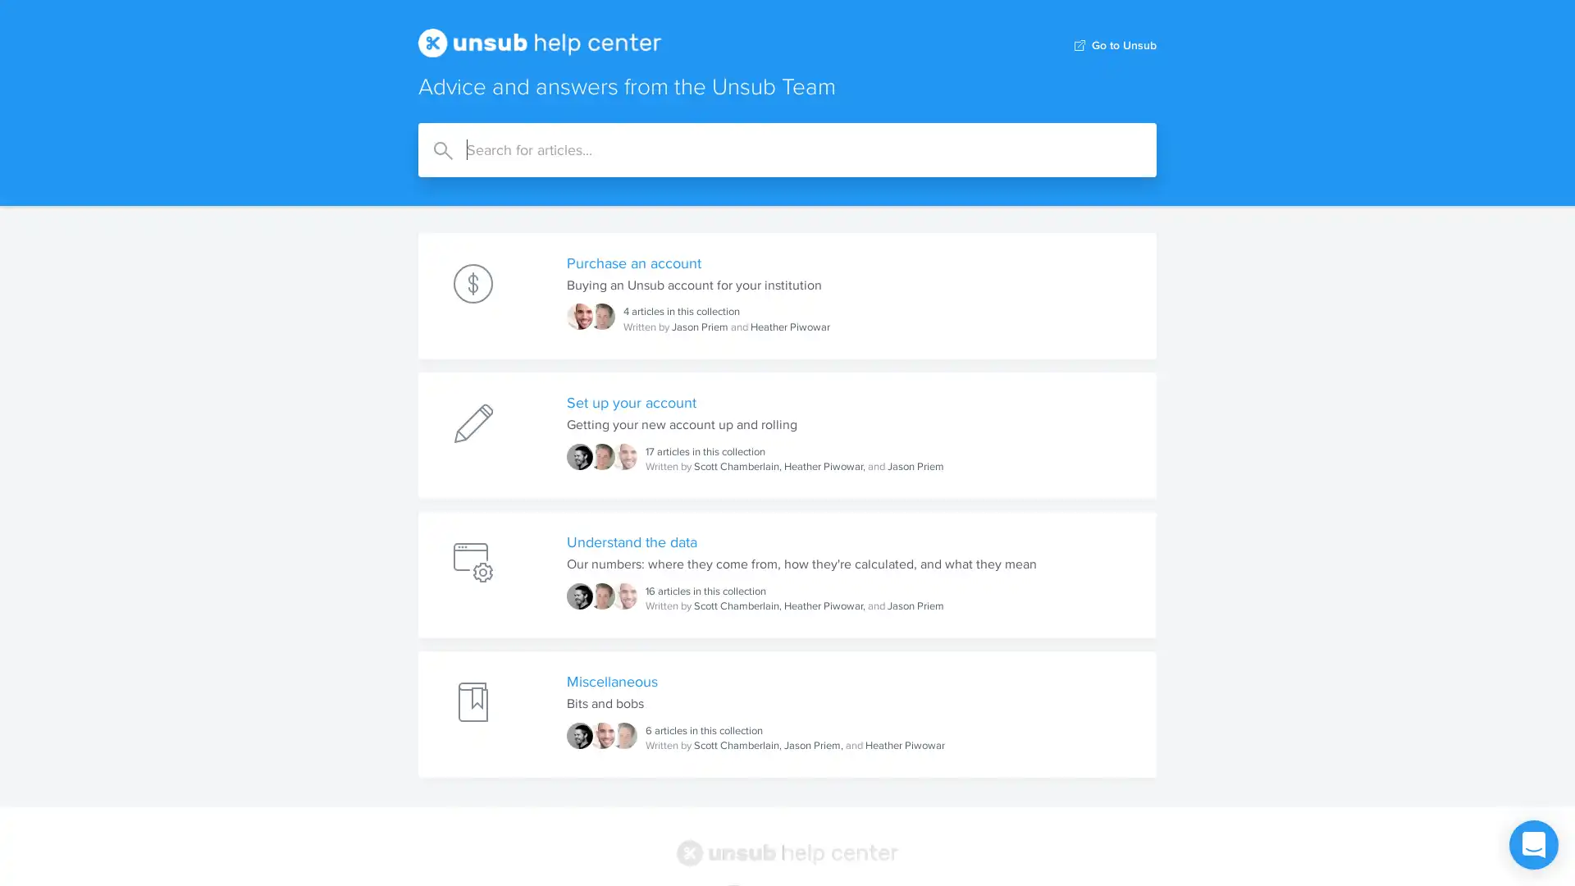  What do you see at coordinates (1533, 844) in the screenshot?
I see `Open Intercom Messenger` at bounding box center [1533, 844].